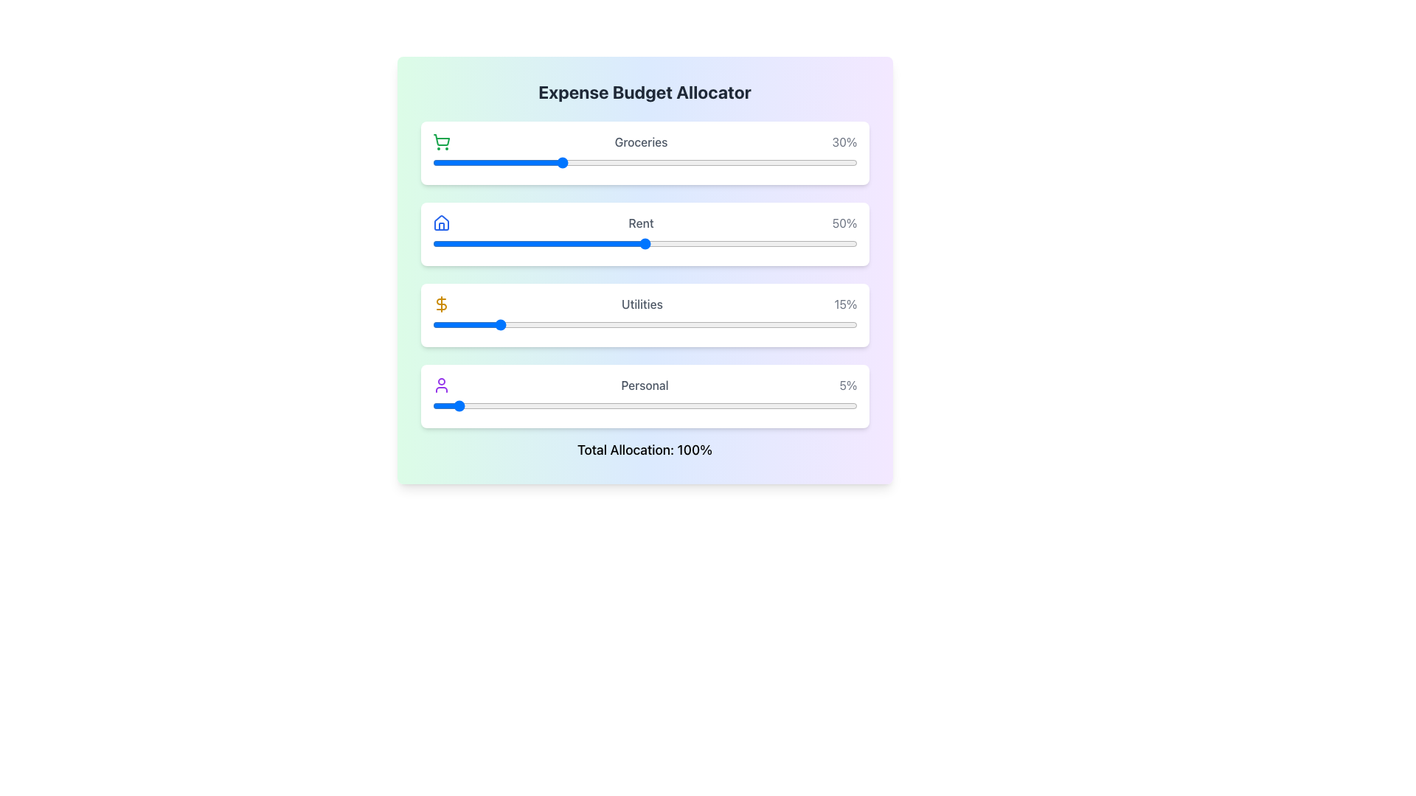 The image size is (1416, 796). What do you see at coordinates (645, 385) in the screenshot?
I see `the text label displaying 'Personal', which is positioned between a user icon and a percentage label '5%' in the 'Expense Budget Allocator' interface` at bounding box center [645, 385].